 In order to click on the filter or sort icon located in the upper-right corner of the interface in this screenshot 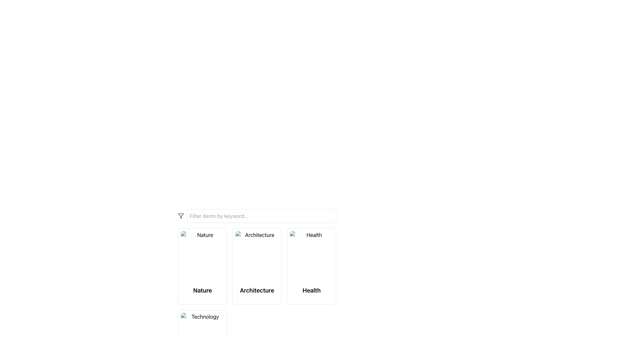, I will do `click(181, 216)`.